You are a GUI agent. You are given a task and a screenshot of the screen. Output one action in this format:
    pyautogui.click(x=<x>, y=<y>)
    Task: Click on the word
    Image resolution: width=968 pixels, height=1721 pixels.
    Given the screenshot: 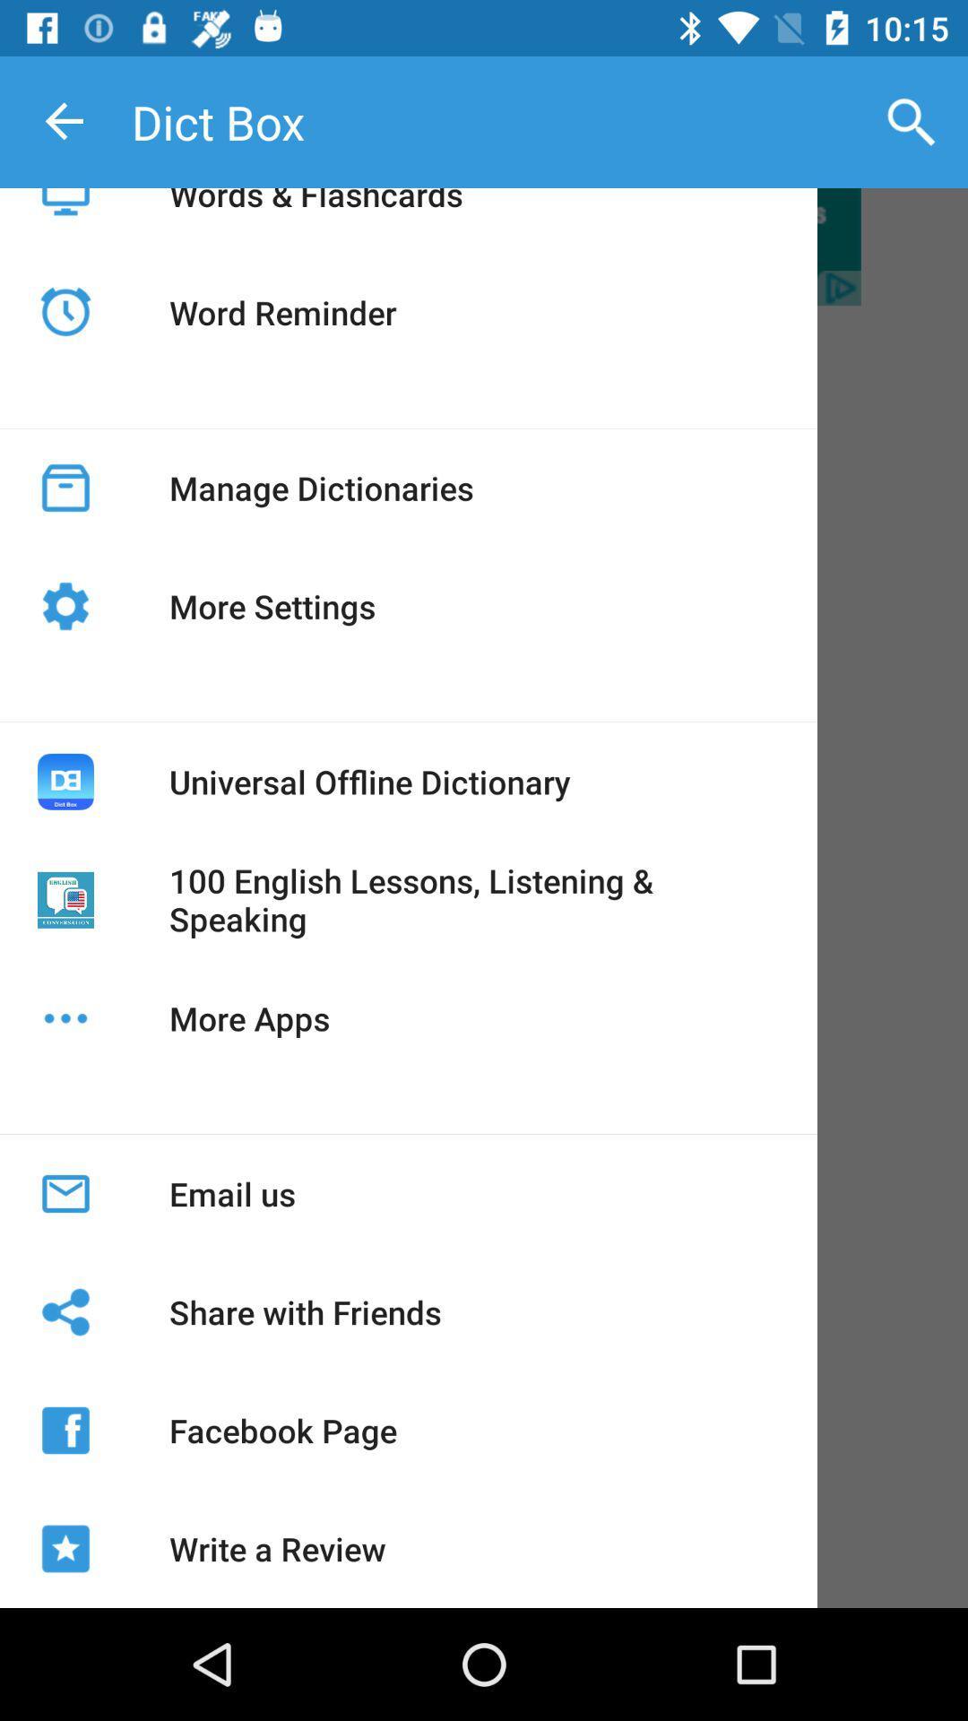 What is the action you would take?
    pyautogui.click(x=484, y=246)
    